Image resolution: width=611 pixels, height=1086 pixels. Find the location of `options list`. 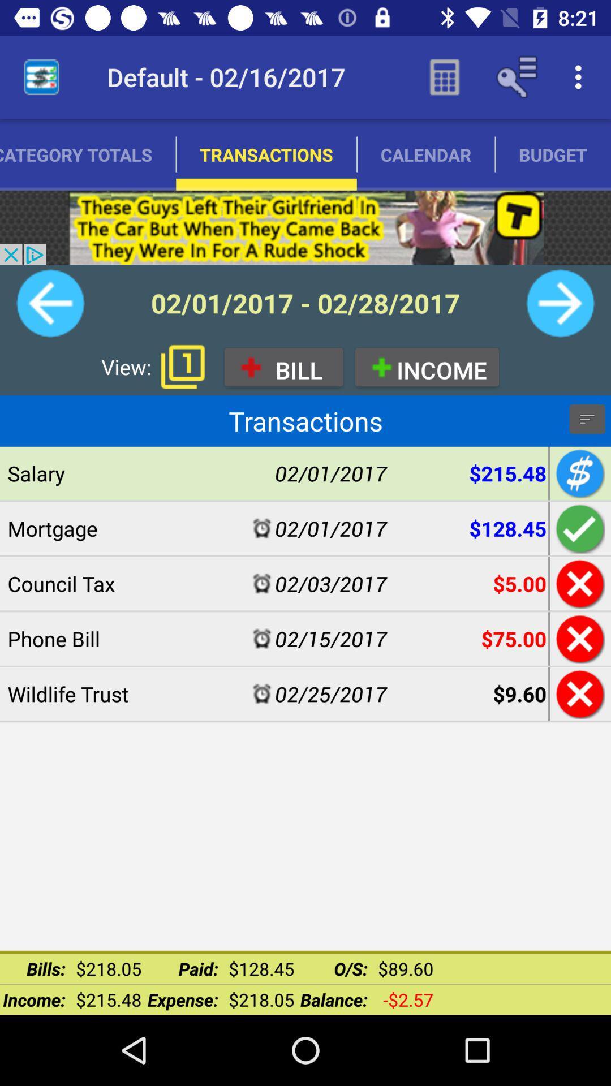

options list is located at coordinates (586, 418).